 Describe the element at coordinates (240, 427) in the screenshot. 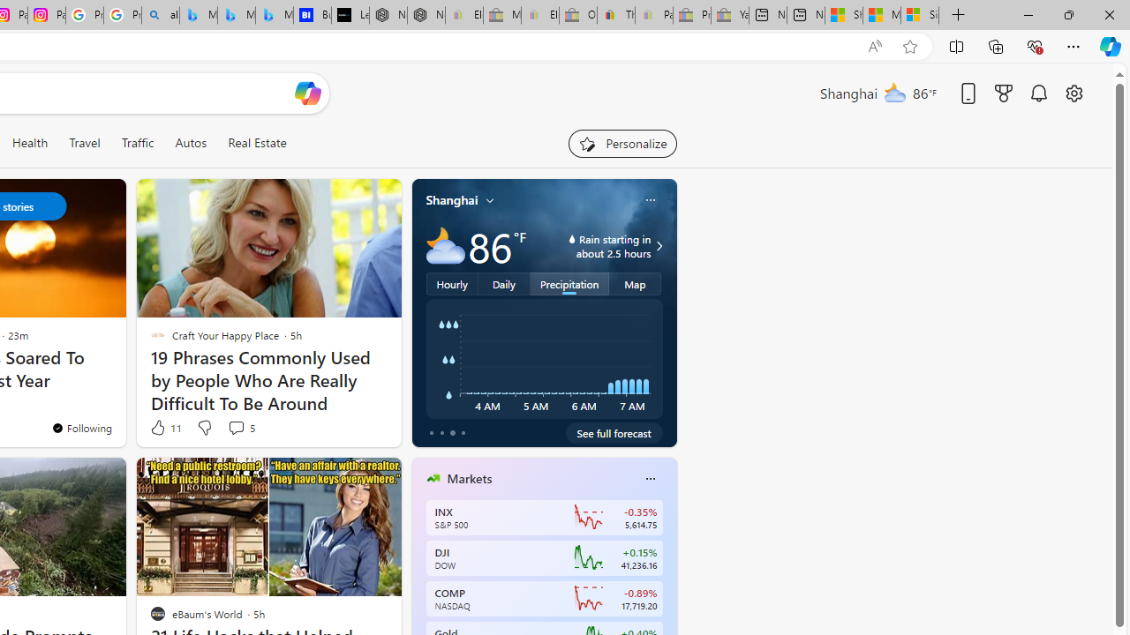

I see `'View comments 5 Comment'` at that location.